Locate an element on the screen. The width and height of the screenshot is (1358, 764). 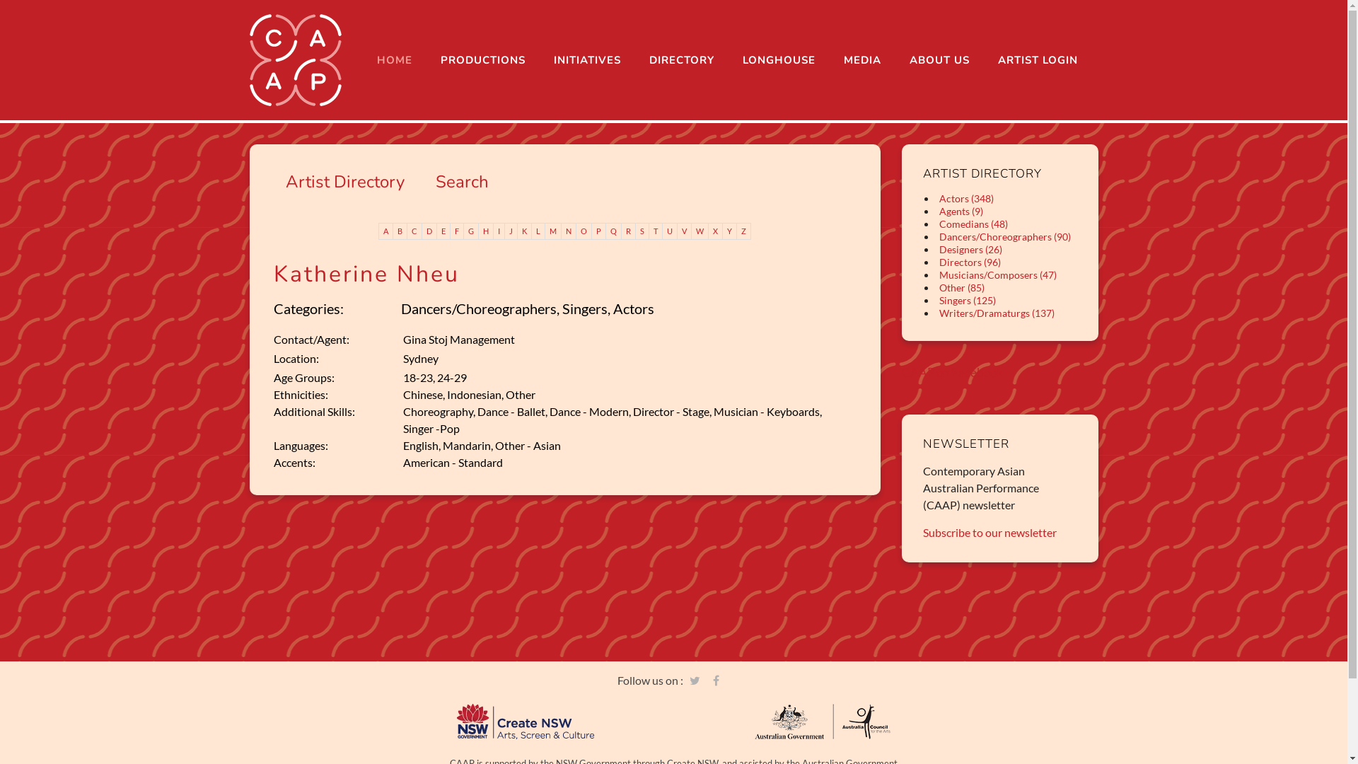
'Directors (96)' is located at coordinates (969, 262).